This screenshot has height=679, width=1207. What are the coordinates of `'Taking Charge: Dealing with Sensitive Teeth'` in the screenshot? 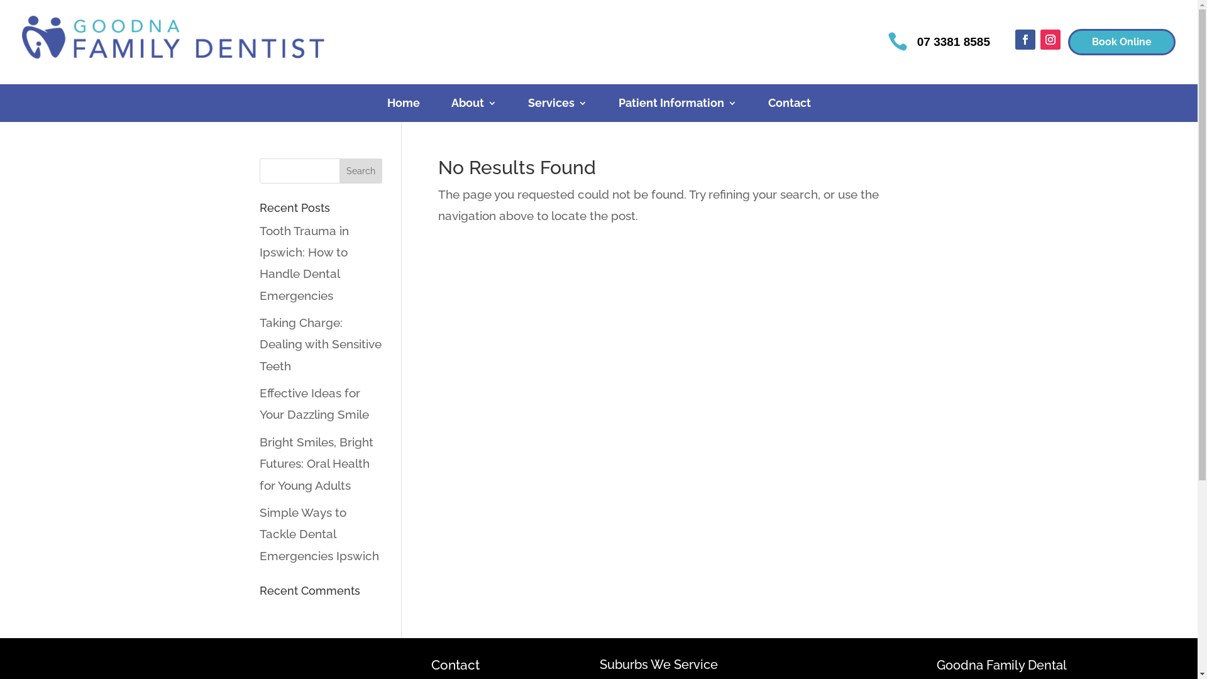 It's located at (319, 344).